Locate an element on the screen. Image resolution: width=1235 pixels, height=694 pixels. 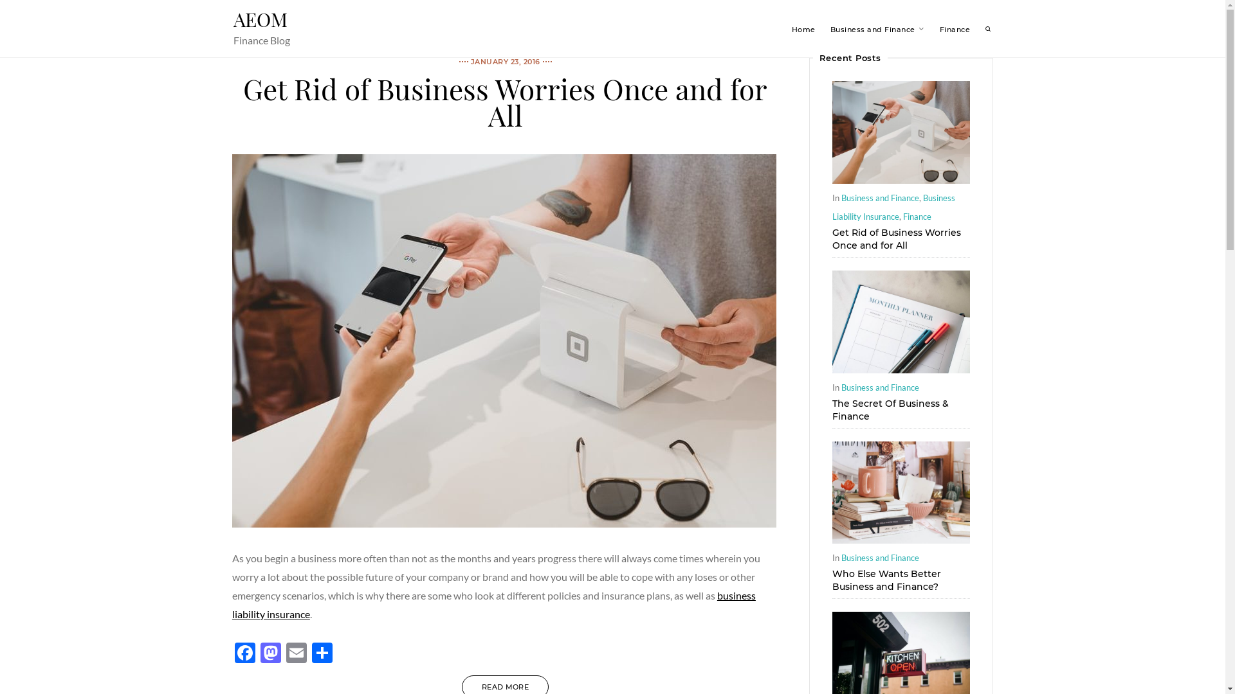
'Who Else Wants Better Business and Finance?' is located at coordinates (886, 580).